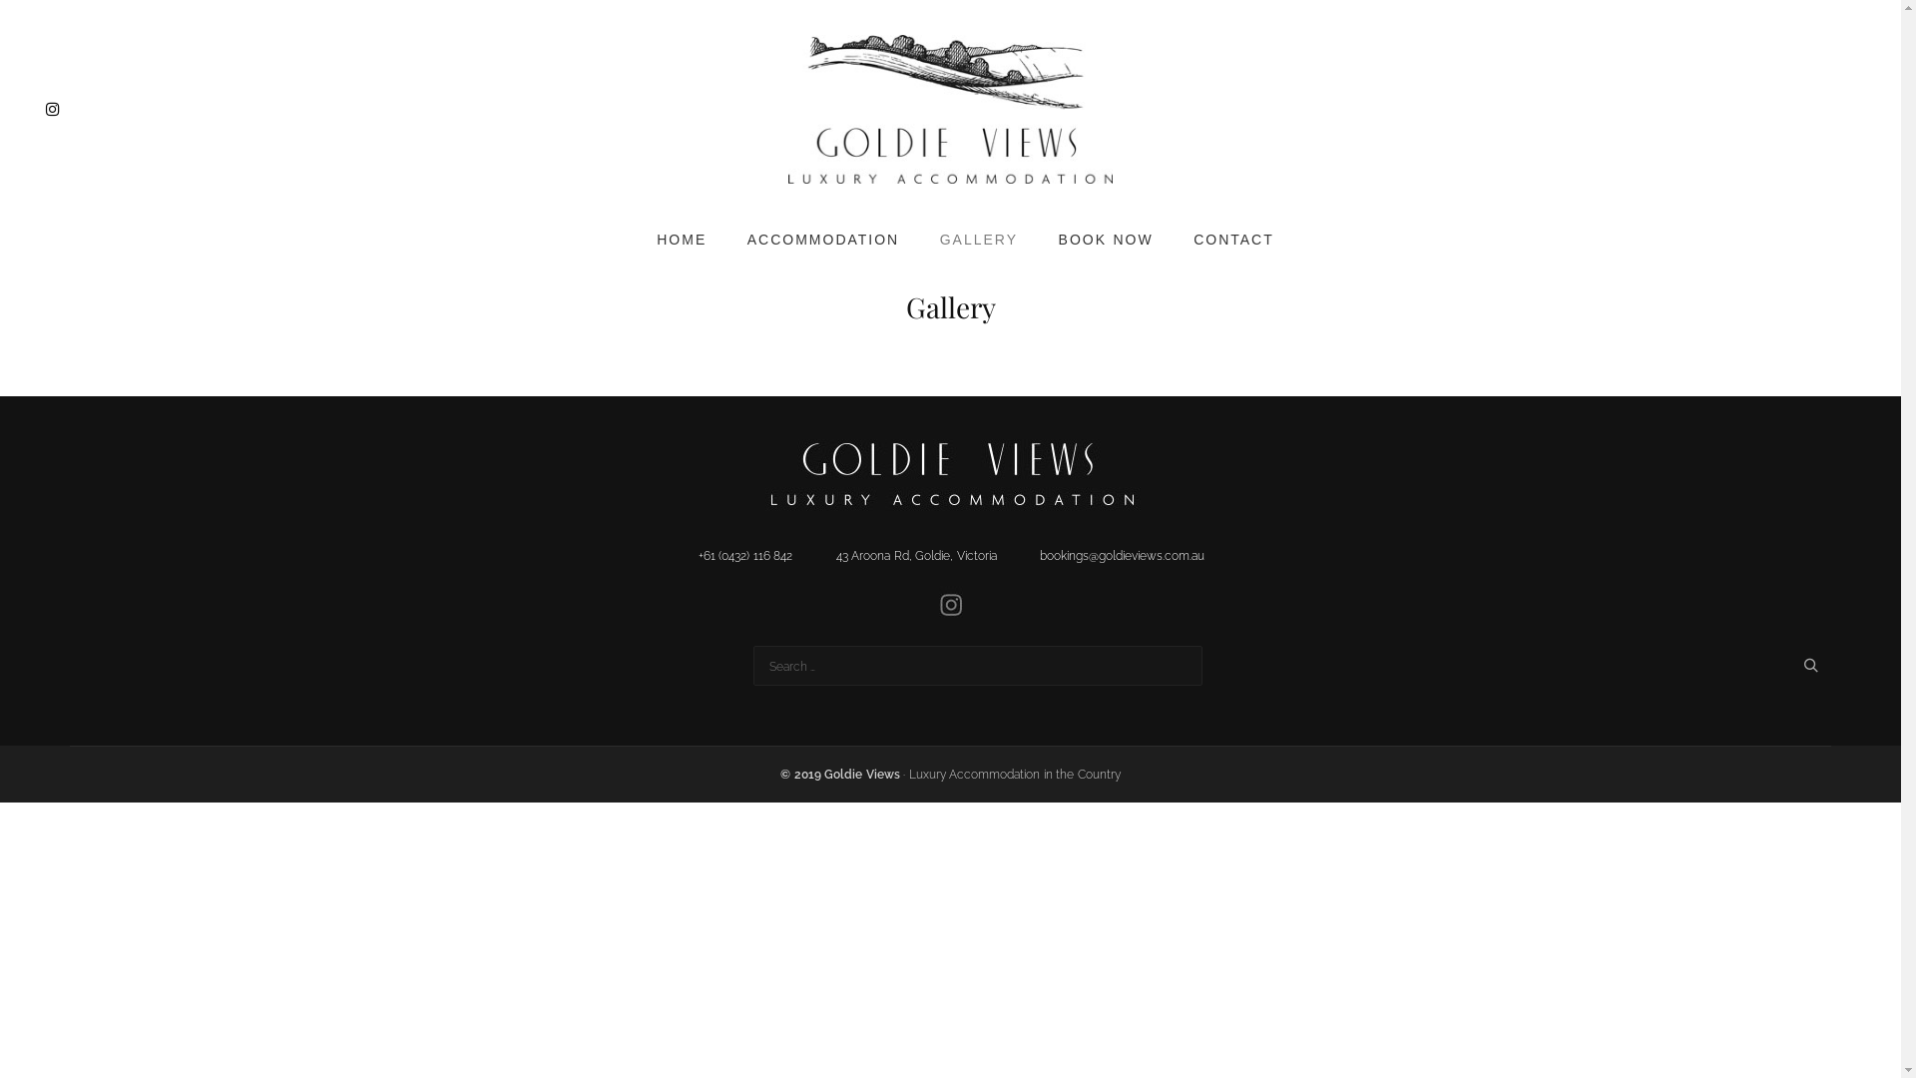  What do you see at coordinates (1800, 666) in the screenshot?
I see `'Search'` at bounding box center [1800, 666].